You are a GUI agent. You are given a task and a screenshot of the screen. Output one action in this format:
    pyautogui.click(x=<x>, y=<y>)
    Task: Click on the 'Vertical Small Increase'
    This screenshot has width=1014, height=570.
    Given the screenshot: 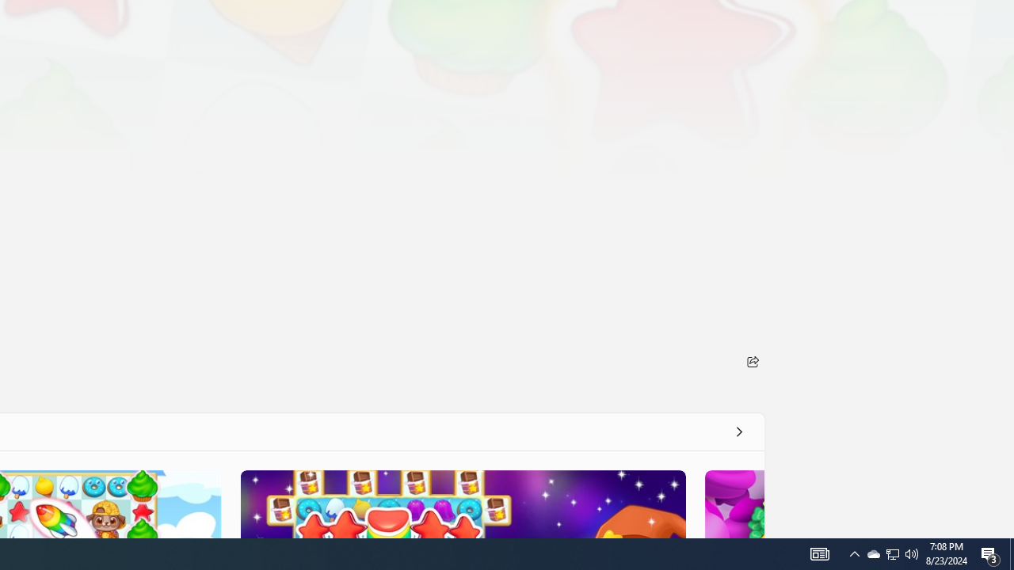 What is the action you would take?
    pyautogui.click(x=1007, y=532)
    